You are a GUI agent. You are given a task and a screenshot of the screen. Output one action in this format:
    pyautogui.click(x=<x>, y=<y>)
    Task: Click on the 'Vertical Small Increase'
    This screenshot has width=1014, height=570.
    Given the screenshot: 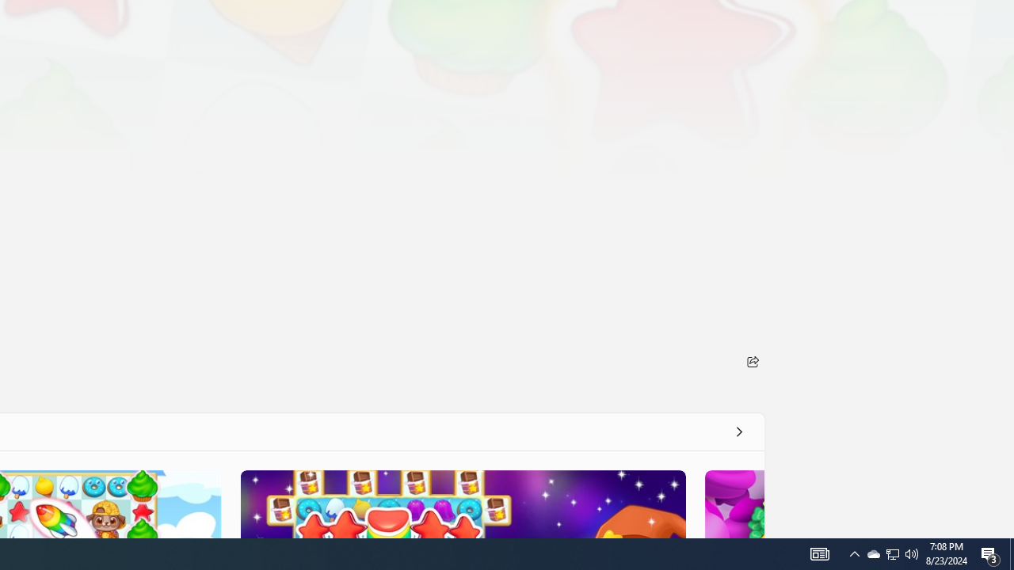 What is the action you would take?
    pyautogui.click(x=1007, y=532)
    